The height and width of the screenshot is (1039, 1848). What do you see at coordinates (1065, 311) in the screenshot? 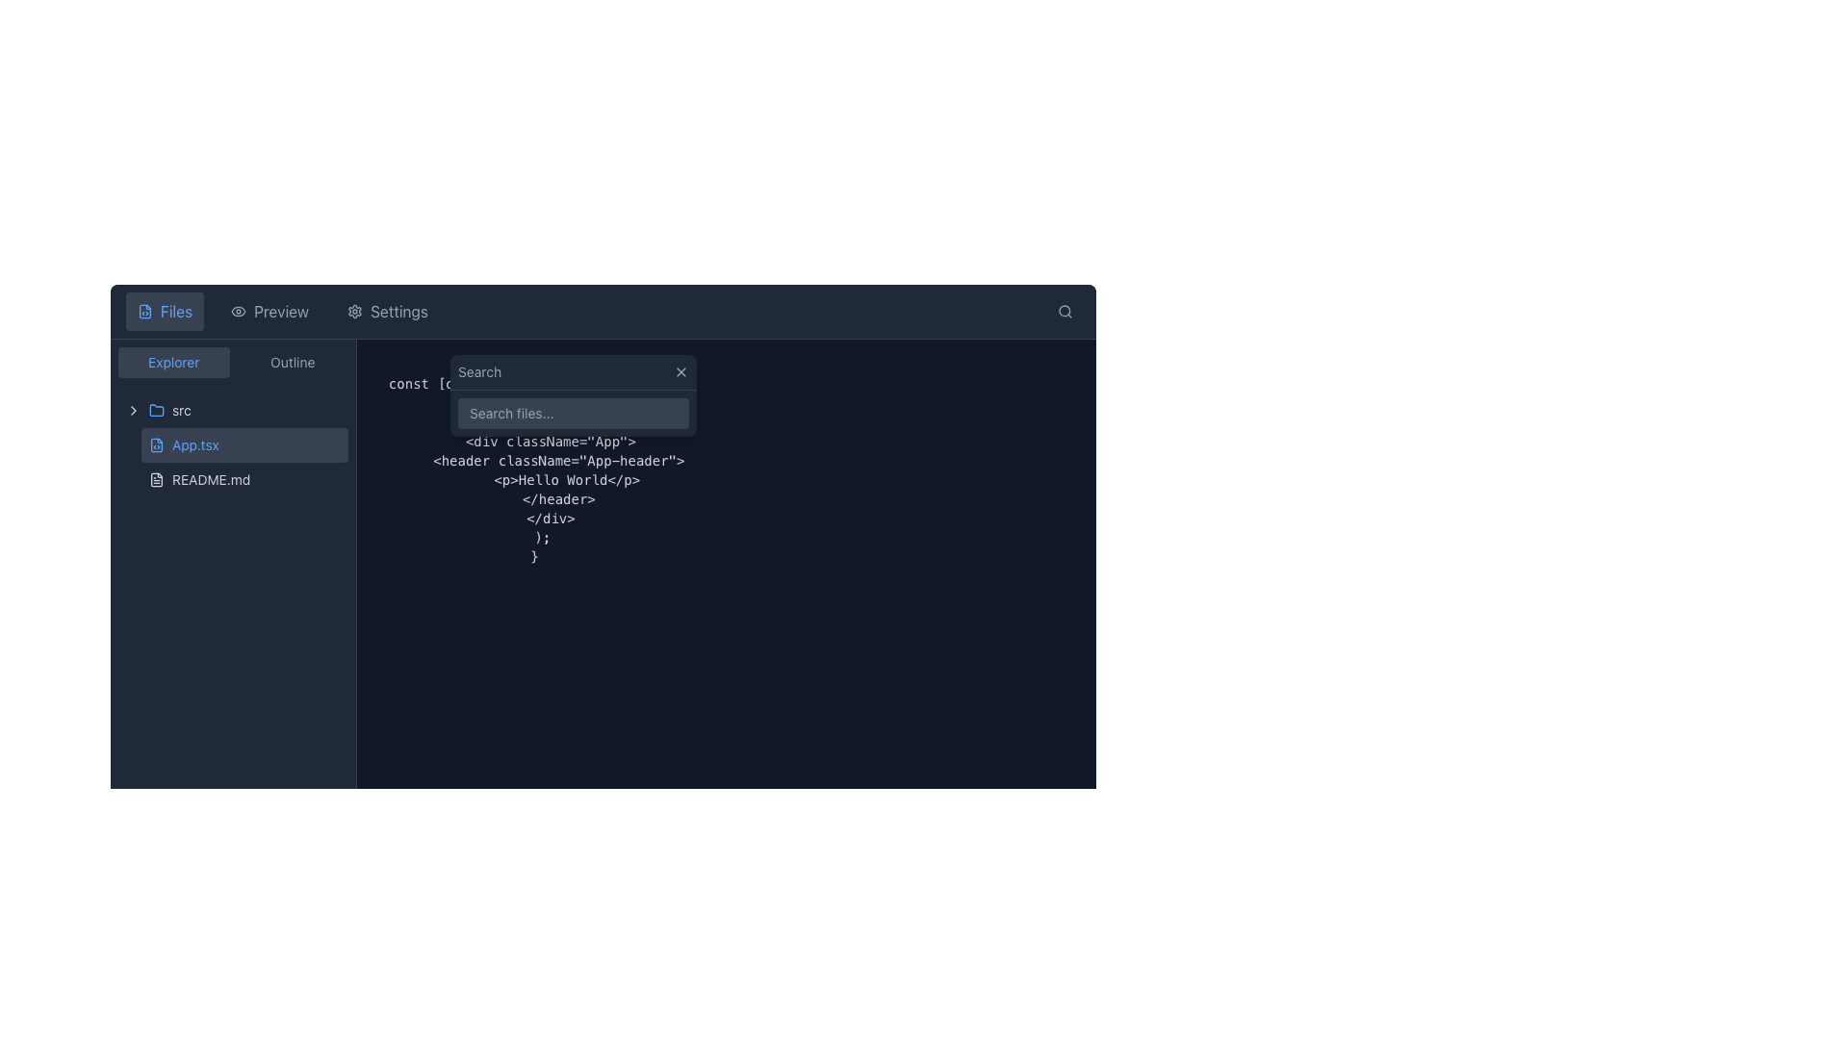
I see `the search icon button located at the rightmost corner of the top horizontal bar in the dark-themed UI` at bounding box center [1065, 311].